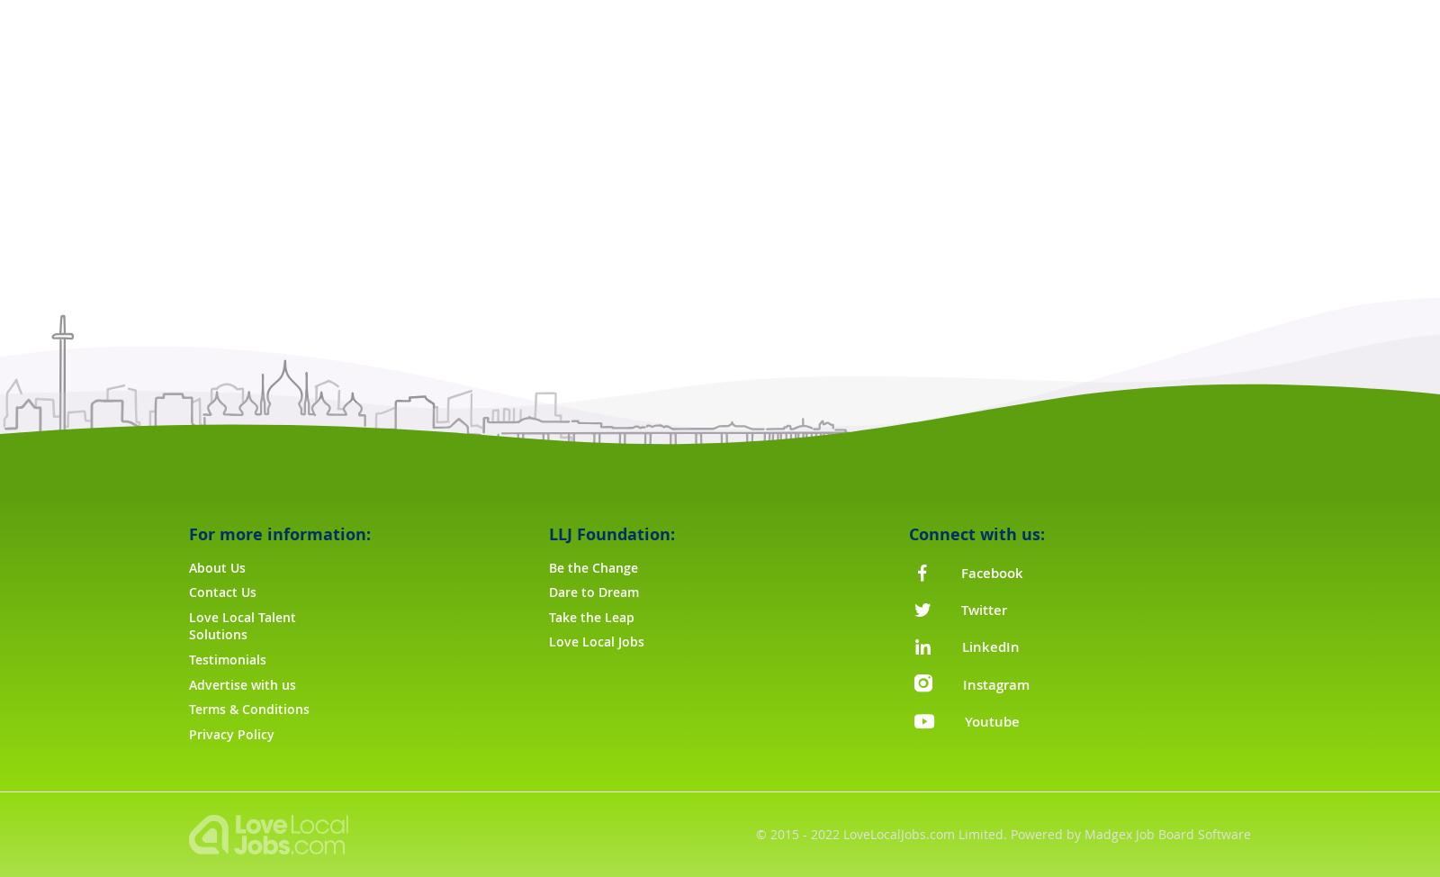  Describe the element at coordinates (592, 565) in the screenshot. I see `'Be the Change'` at that location.